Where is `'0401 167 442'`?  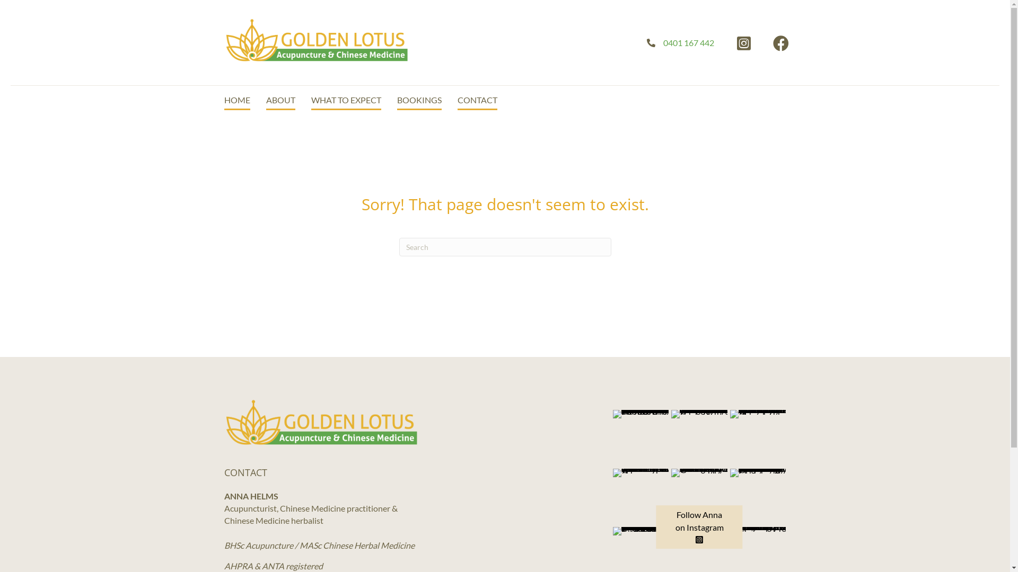
'0401 167 442' is located at coordinates (689, 42).